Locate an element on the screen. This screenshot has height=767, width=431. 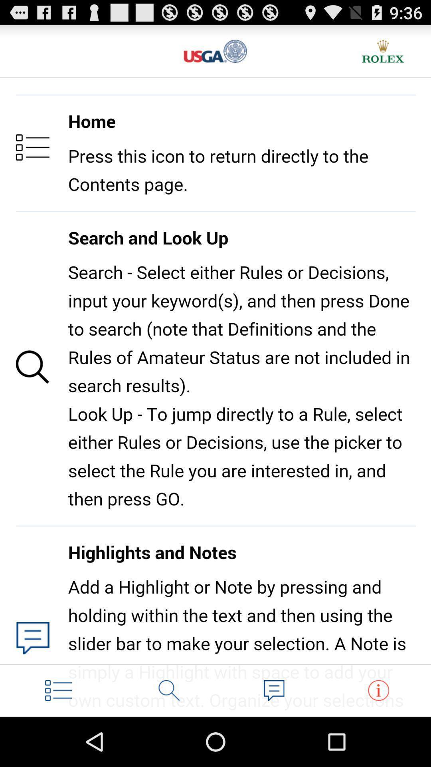
search bar is located at coordinates (169, 690).